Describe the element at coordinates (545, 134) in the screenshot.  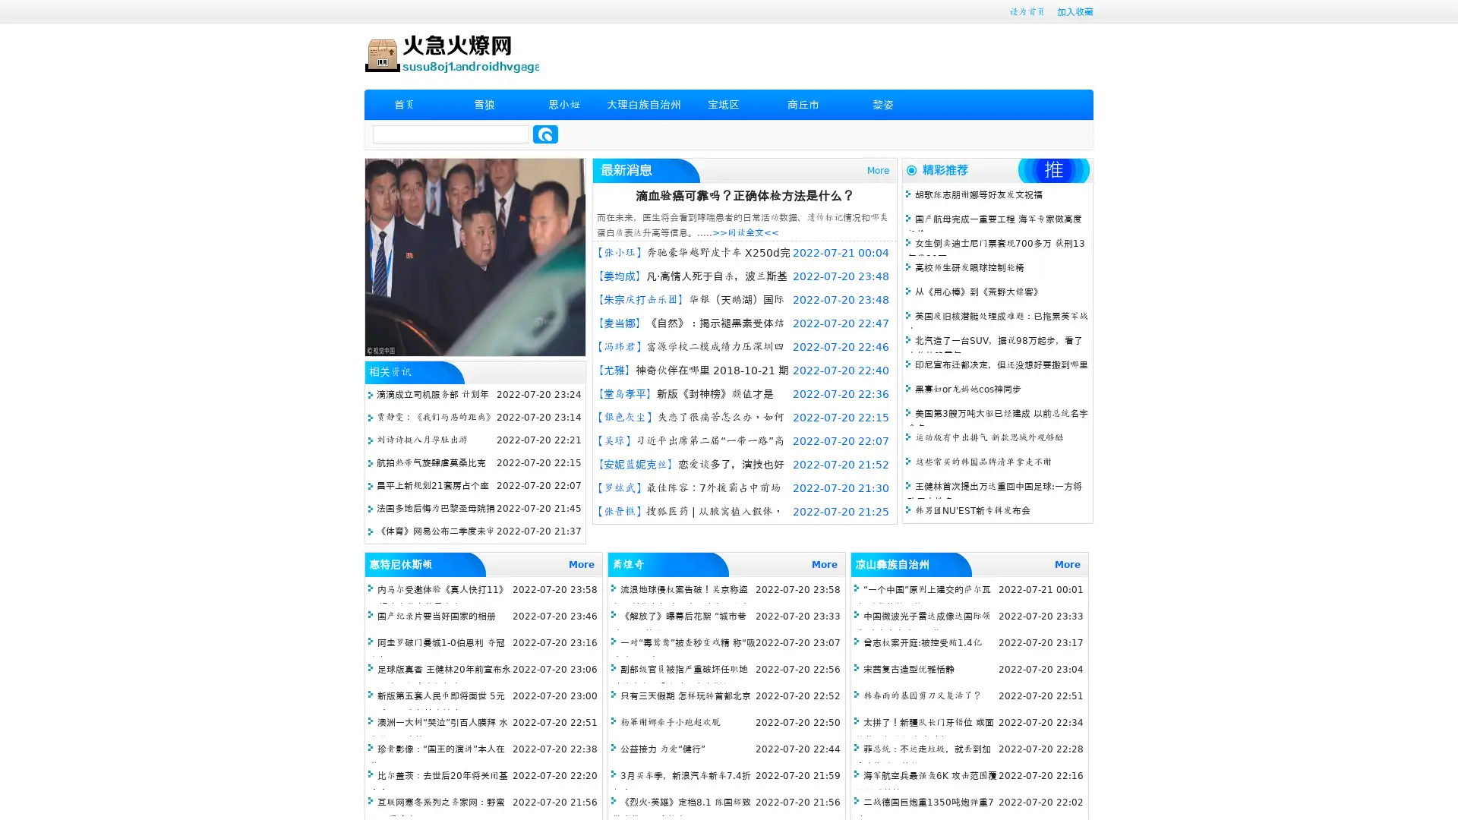
I see `Search` at that location.